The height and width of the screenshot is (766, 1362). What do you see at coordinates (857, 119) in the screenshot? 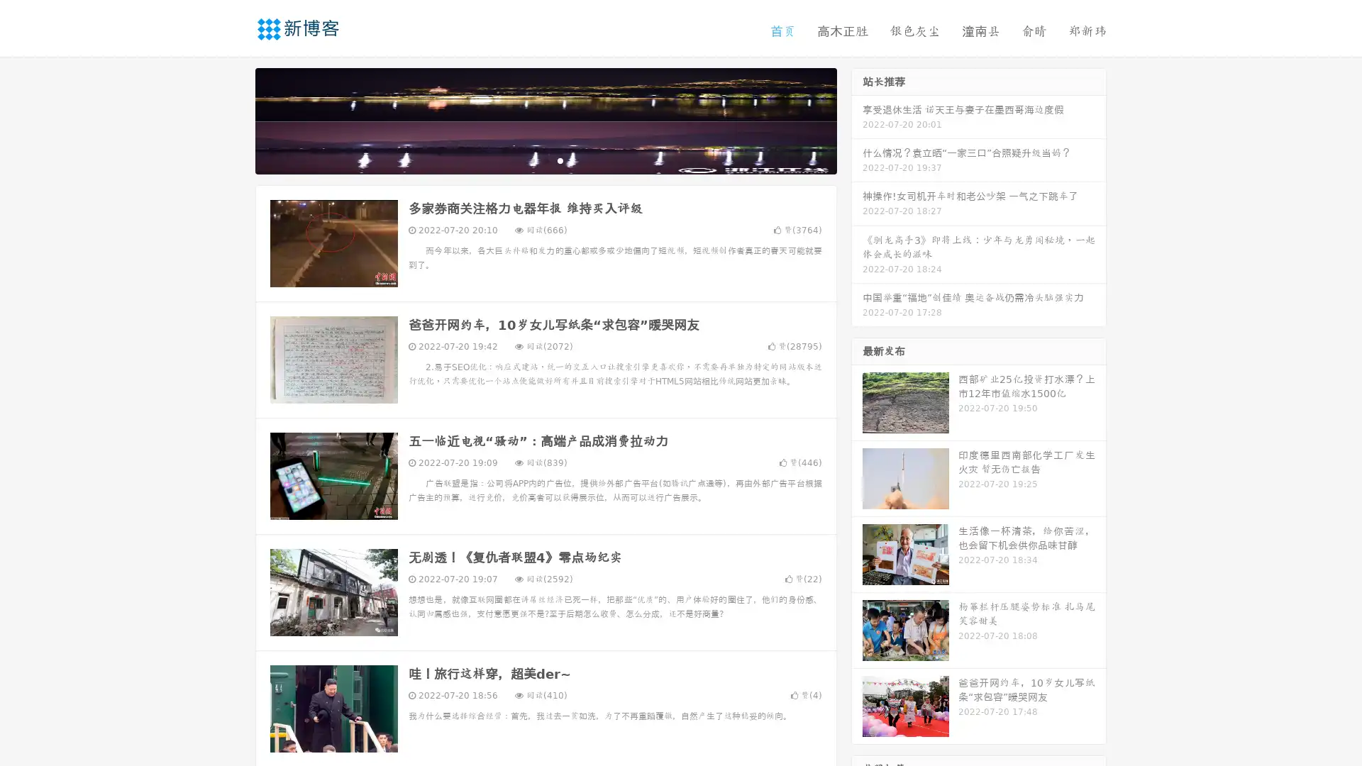
I see `Next slide` at bounding box center [857, 119].